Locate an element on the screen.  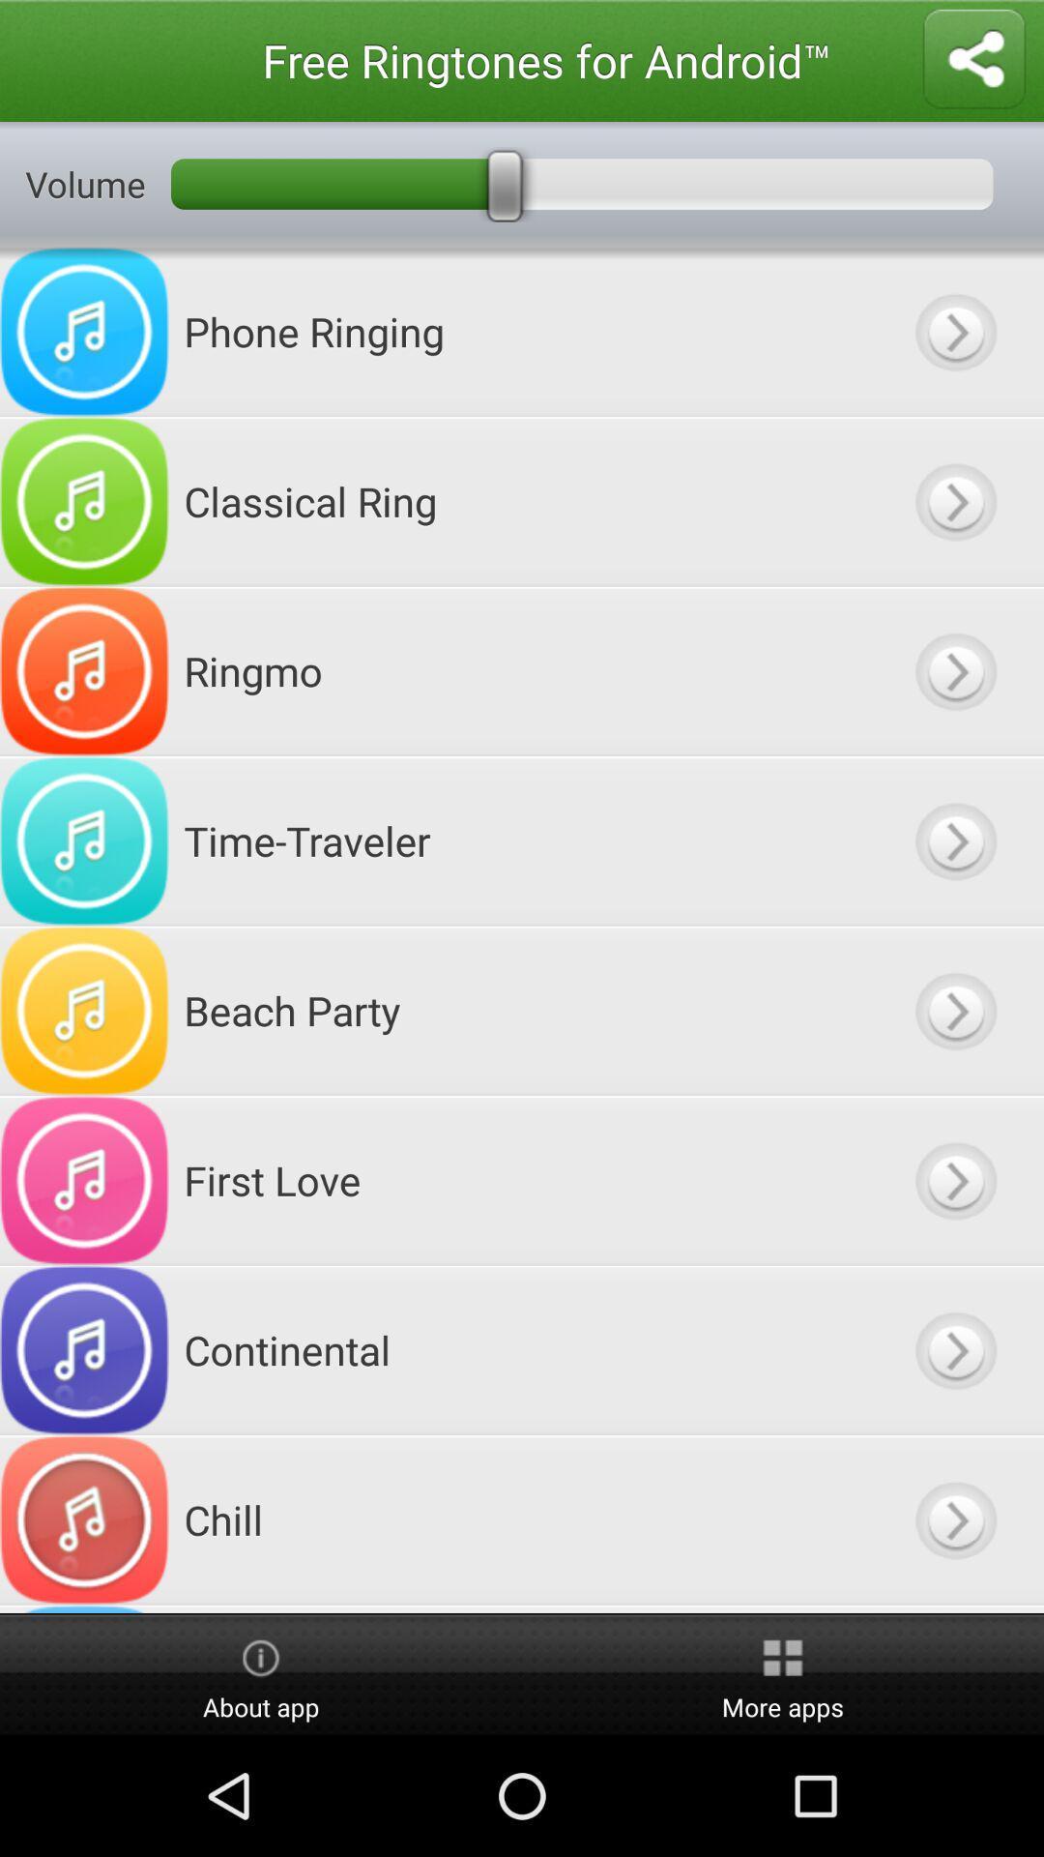
music is located at coordinates (954, 1010).